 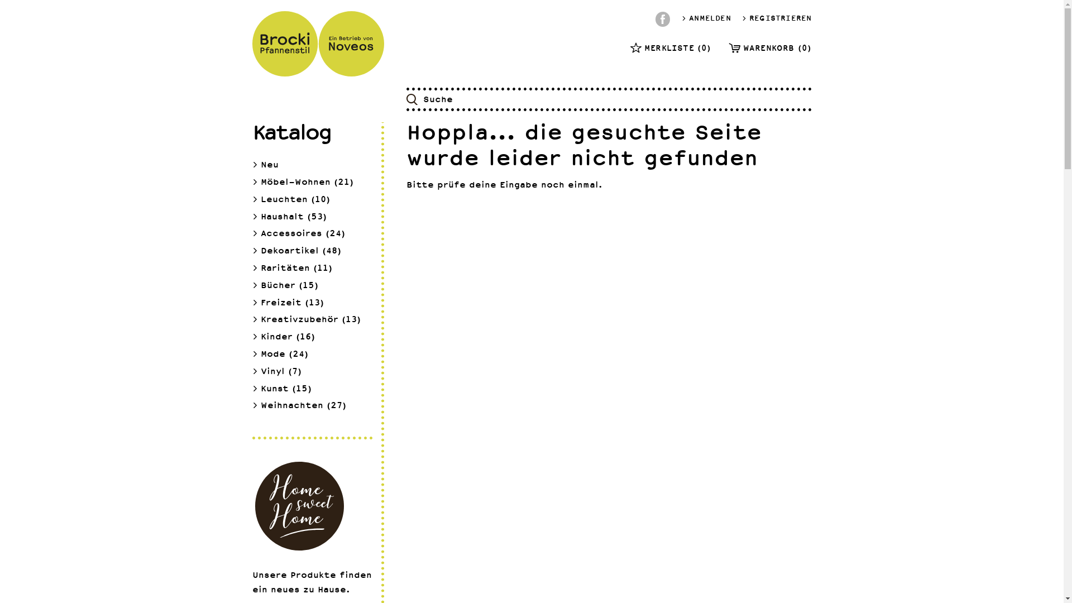 What do you see at coordinates (729, 47) in the screenshot?
I see `'WARENKORB (0)'` at bounding box center [729, 47].